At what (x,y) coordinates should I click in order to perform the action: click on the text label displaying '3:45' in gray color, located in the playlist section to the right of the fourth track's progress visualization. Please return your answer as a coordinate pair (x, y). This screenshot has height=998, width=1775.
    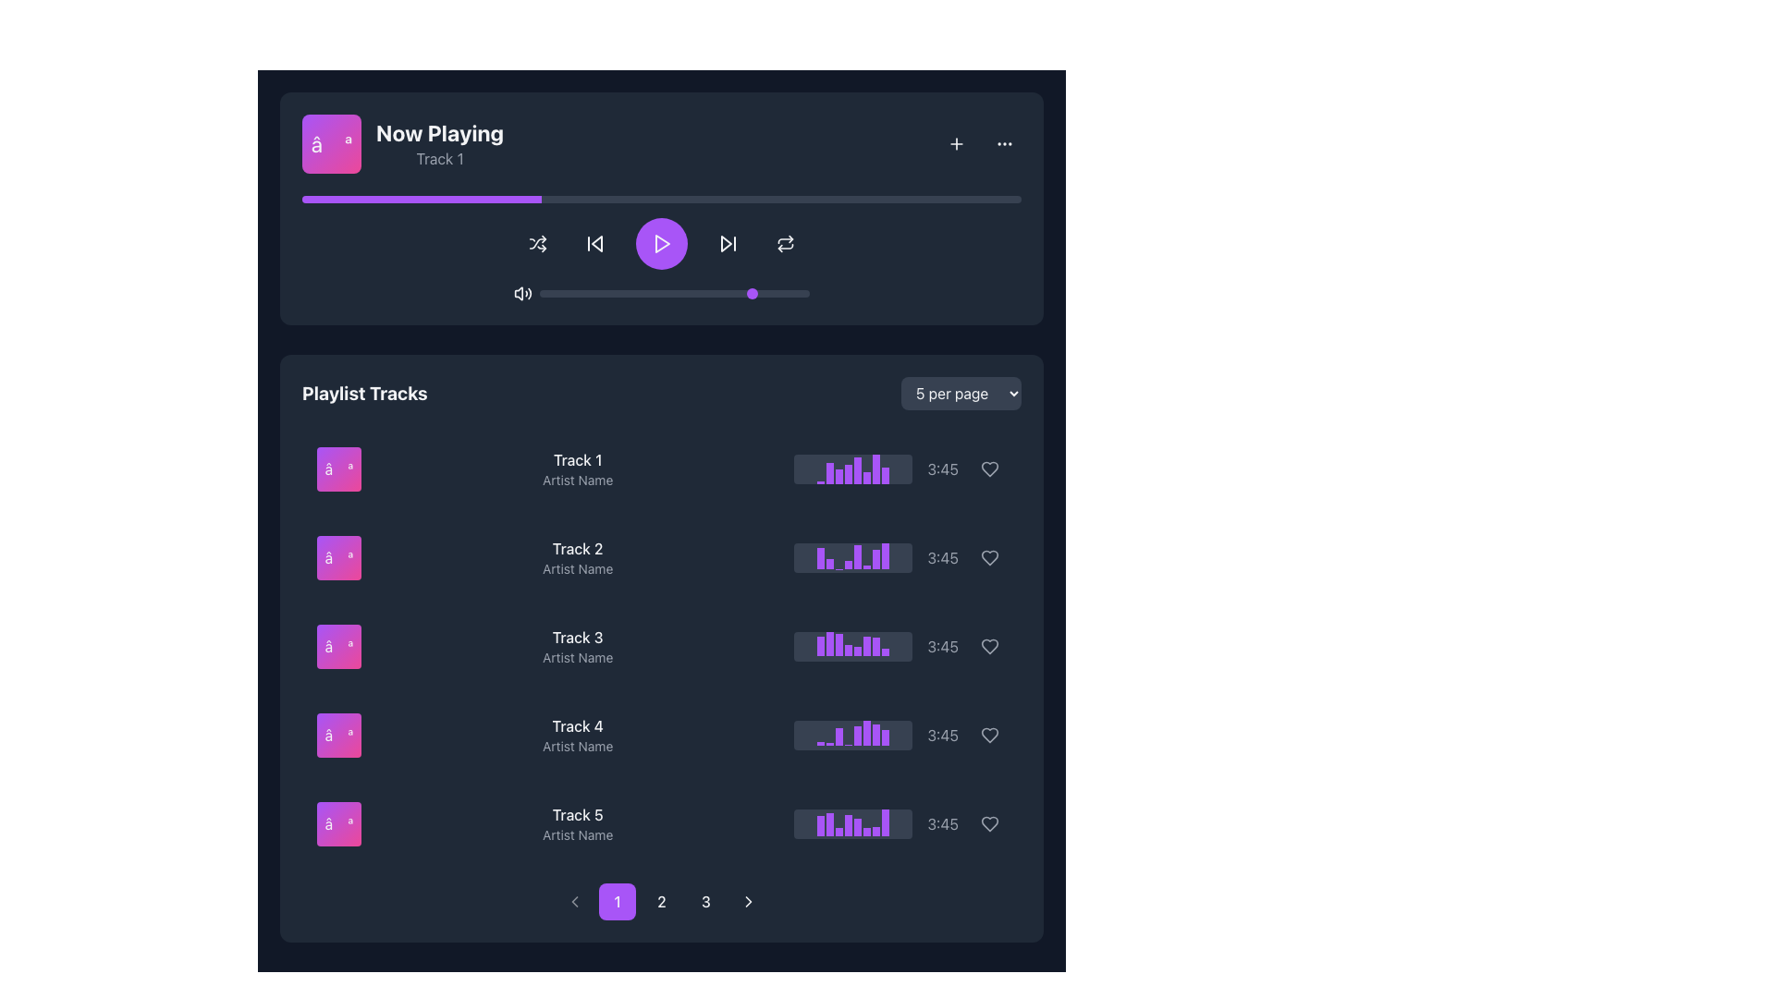
    Looking at the image, I should click on (943, 734).